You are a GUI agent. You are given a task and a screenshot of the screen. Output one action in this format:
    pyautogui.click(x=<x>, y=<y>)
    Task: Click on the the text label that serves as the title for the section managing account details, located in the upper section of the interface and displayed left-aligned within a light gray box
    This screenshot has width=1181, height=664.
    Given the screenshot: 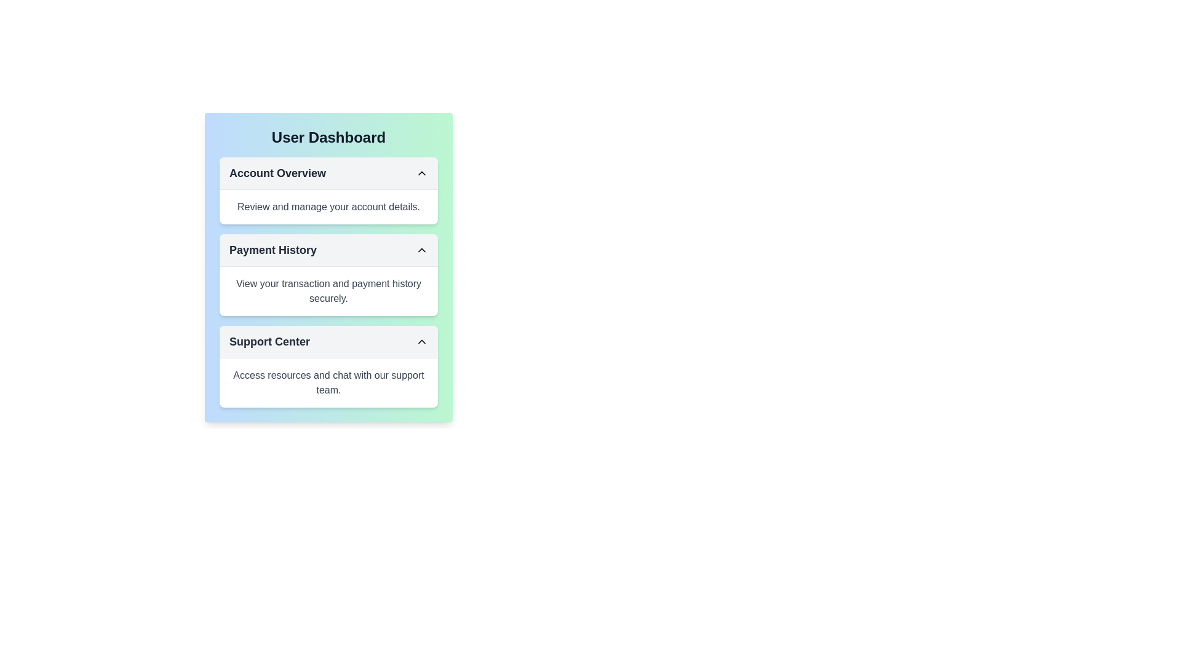 What is the action you would take?
    pyautogui.click(x=277, y=173)
    